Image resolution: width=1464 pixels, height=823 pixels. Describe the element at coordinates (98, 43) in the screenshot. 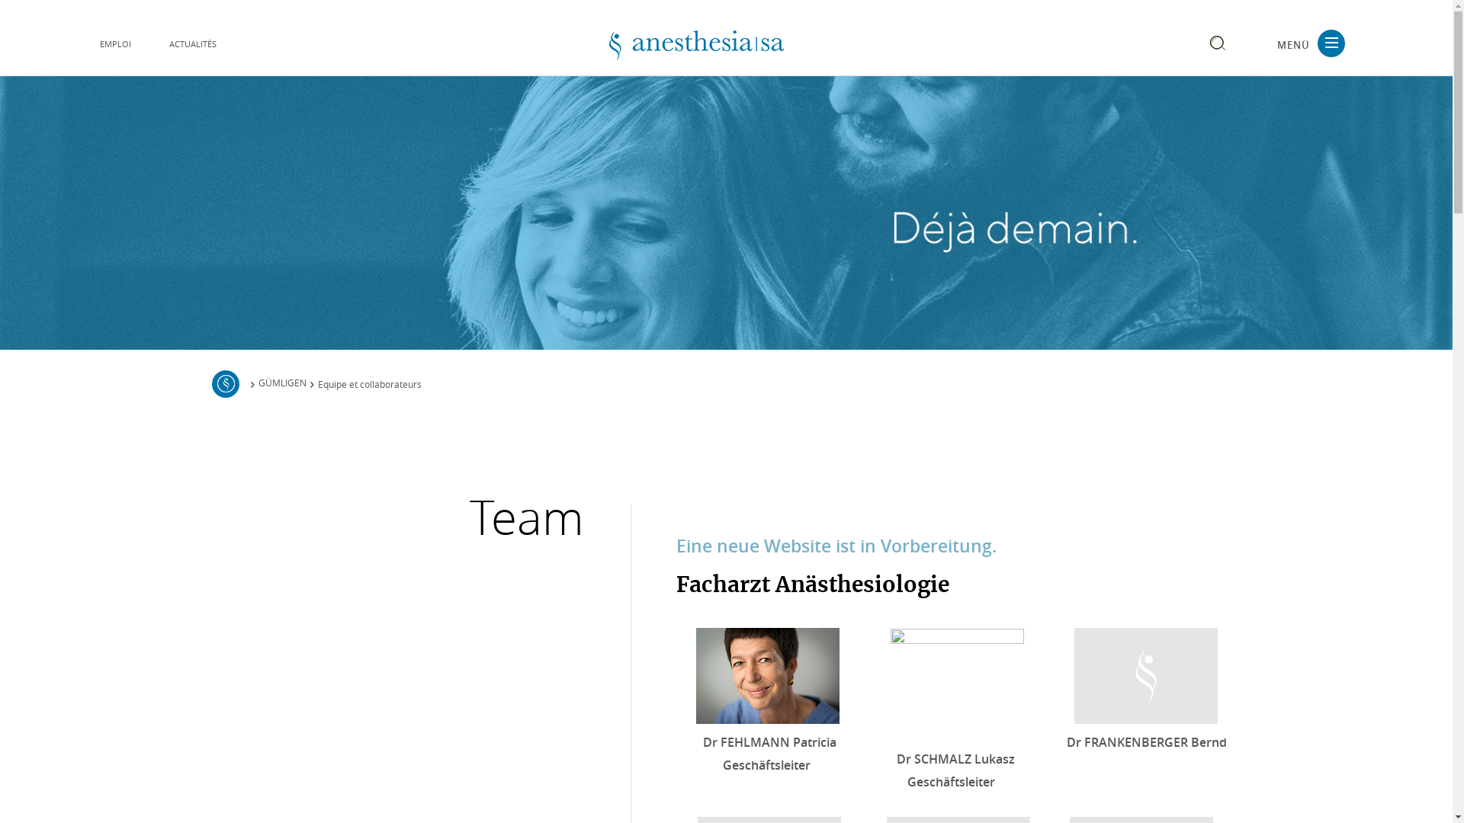

I see `'EMPLOI'` at that location.